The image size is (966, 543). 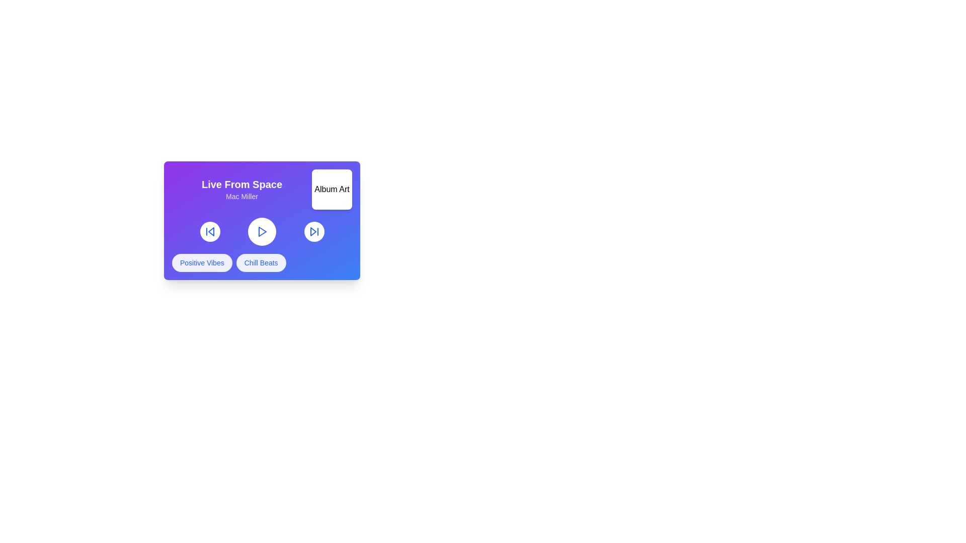 I want to click on the text label reading 'Mac Miller', which is styled in small gray font and positioned below 'Live From Space' within the music player interface, so click(x=242, y=196).